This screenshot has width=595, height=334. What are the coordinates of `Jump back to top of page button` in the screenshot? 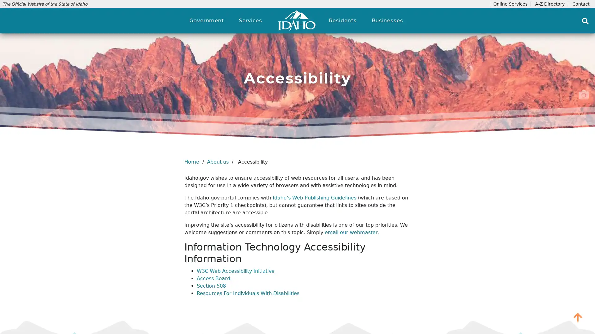 It's located at (578, 317).